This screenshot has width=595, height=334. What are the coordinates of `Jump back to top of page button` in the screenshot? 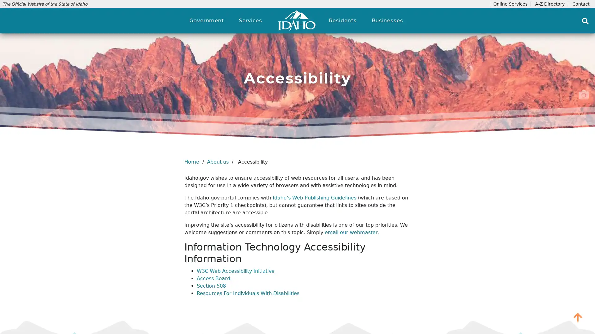 It's located at (578, 317).